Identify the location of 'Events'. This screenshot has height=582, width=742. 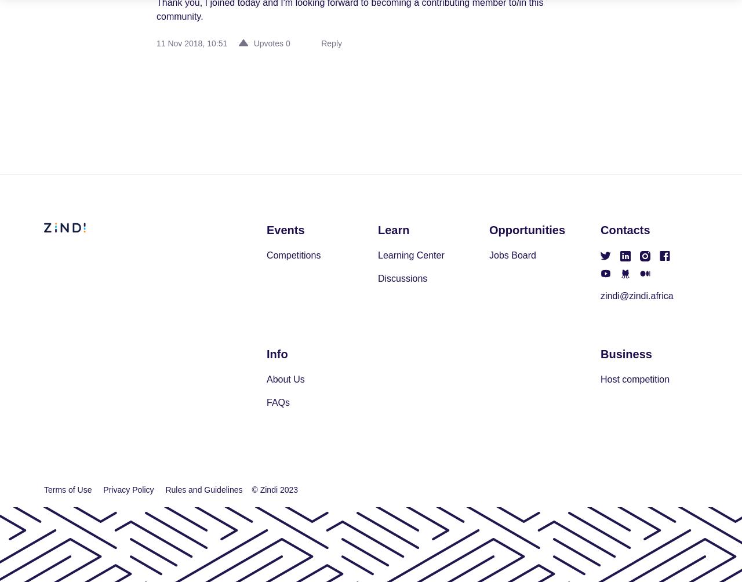
(285, 229).